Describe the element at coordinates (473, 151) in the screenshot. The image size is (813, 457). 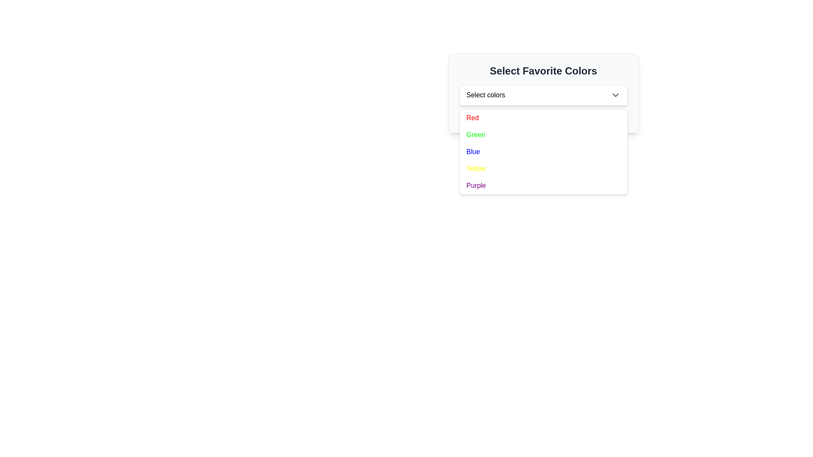
I see `the selectable list item displaying the word 'Blue' in blue color, which is the third item in the dropdown list of color options` at that location.